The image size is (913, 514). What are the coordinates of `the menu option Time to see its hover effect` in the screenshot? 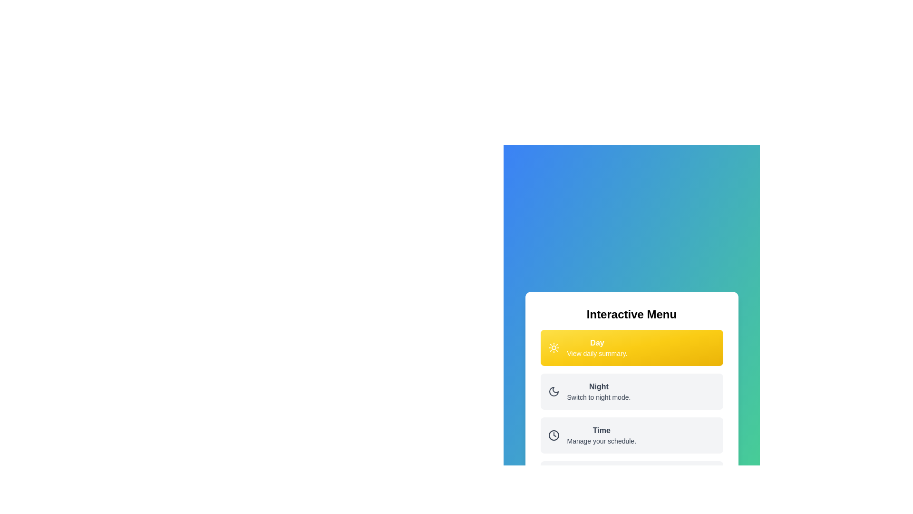 It's located at (631, 435).